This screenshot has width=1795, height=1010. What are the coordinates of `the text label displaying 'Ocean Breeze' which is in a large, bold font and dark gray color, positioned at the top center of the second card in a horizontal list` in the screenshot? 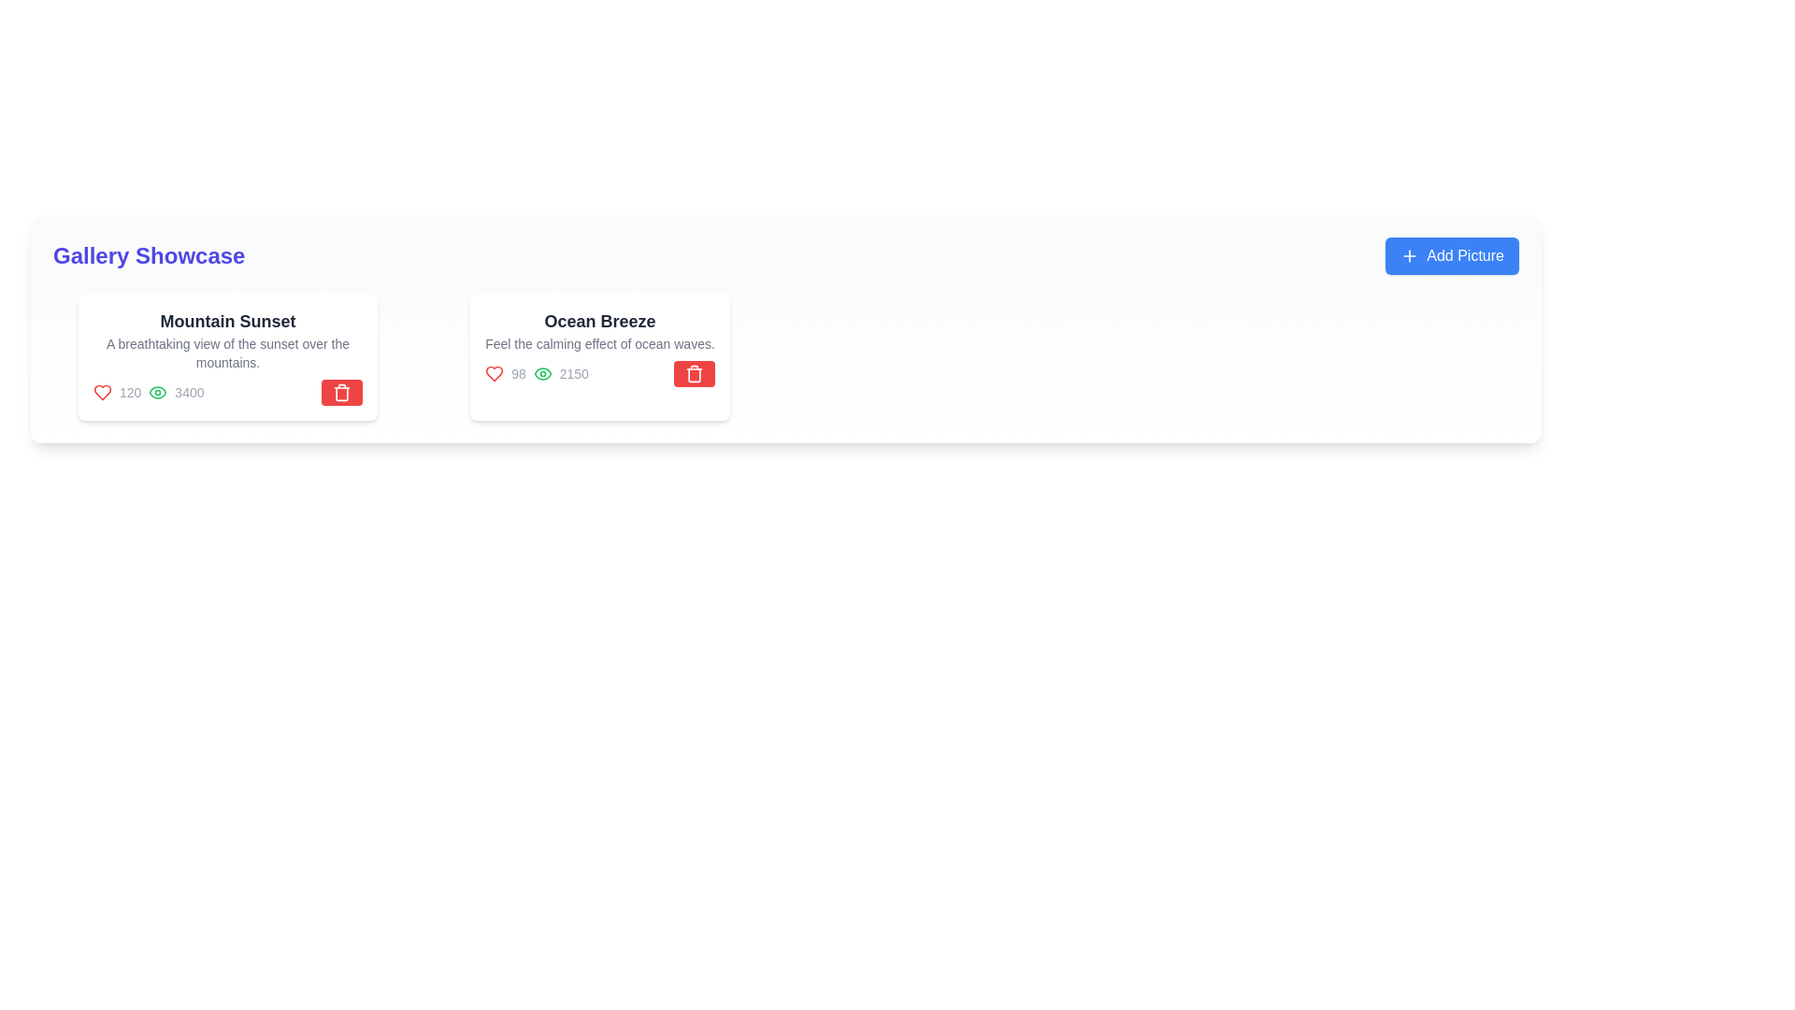 It's located at (600, 320).